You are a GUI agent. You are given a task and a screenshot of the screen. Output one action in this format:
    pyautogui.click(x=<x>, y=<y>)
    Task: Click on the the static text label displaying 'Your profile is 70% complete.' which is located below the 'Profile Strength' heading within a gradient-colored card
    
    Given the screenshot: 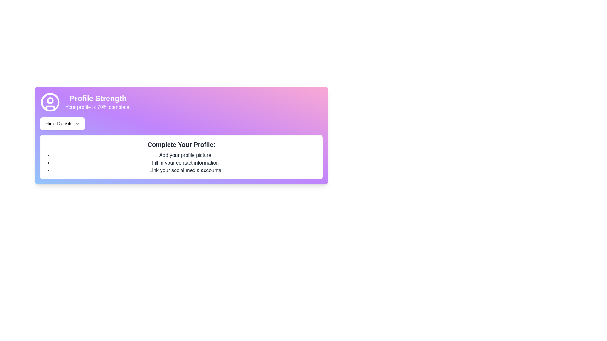 What is the action you would take?
    pyautogui.click(x=98, y=107)
    